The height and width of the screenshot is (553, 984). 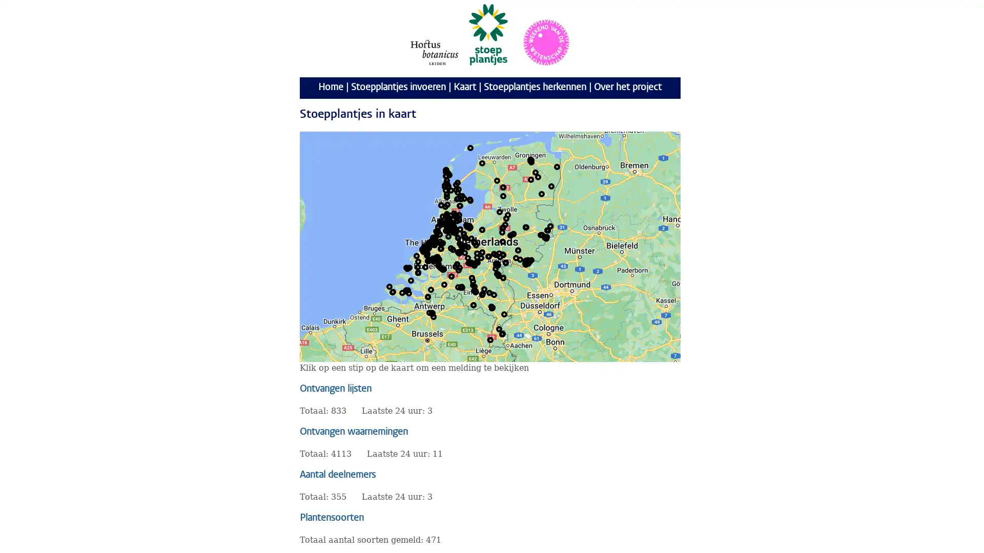 I want to click on Telling van JCD op 23 mei 2022, so click(x=514, y=233).